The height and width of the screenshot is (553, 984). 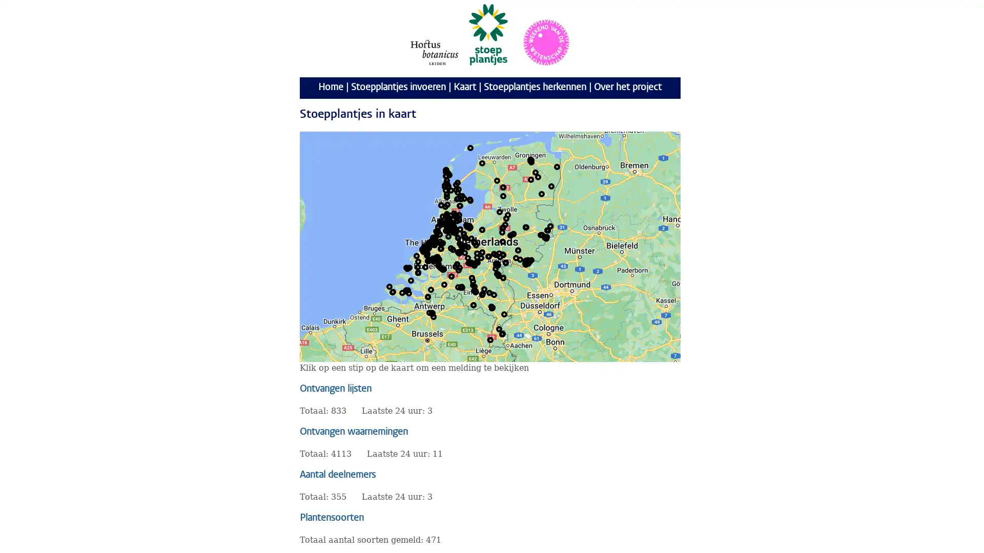 I want to click on Telling van JCD op 23 mei 2022, so click(x=514, y=233).